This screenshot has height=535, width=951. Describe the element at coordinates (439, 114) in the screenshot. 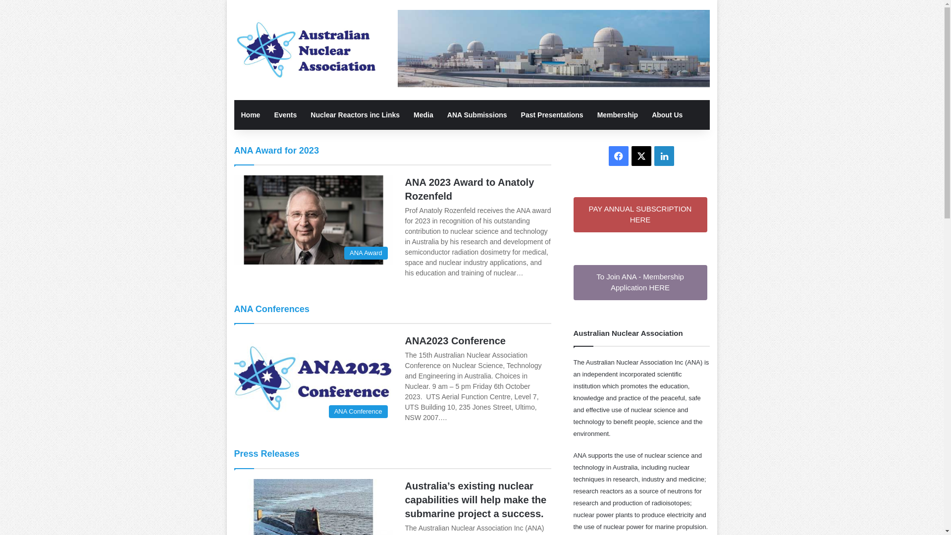

I see `'ANA Submissions'` at that location.